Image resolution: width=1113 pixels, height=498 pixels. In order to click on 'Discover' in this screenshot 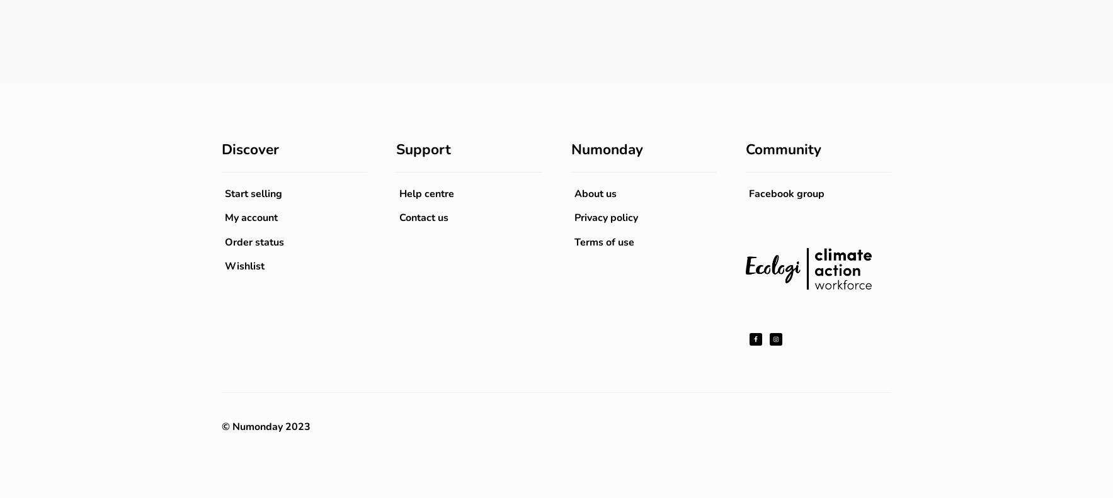, I will do `click(249, 149)`.